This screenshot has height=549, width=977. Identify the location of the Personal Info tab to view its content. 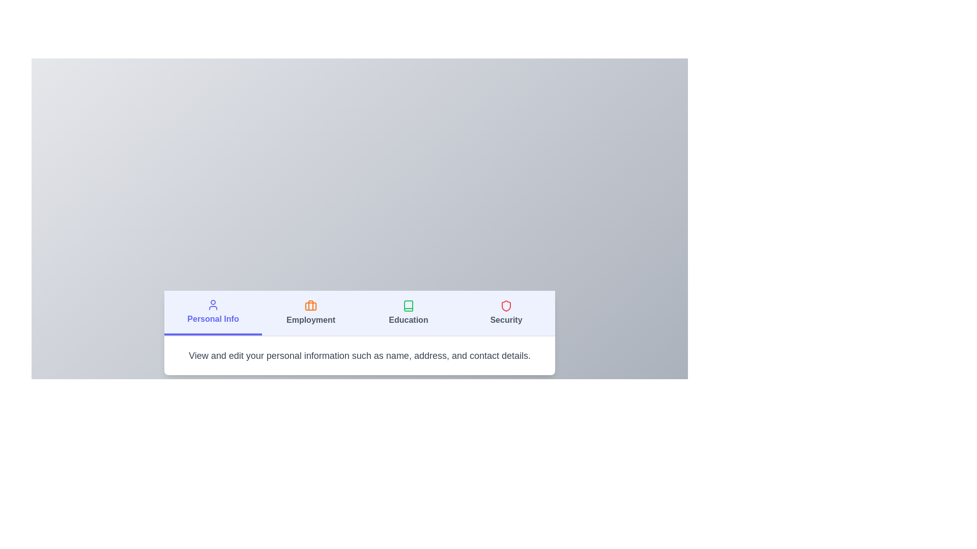
(212, 313).